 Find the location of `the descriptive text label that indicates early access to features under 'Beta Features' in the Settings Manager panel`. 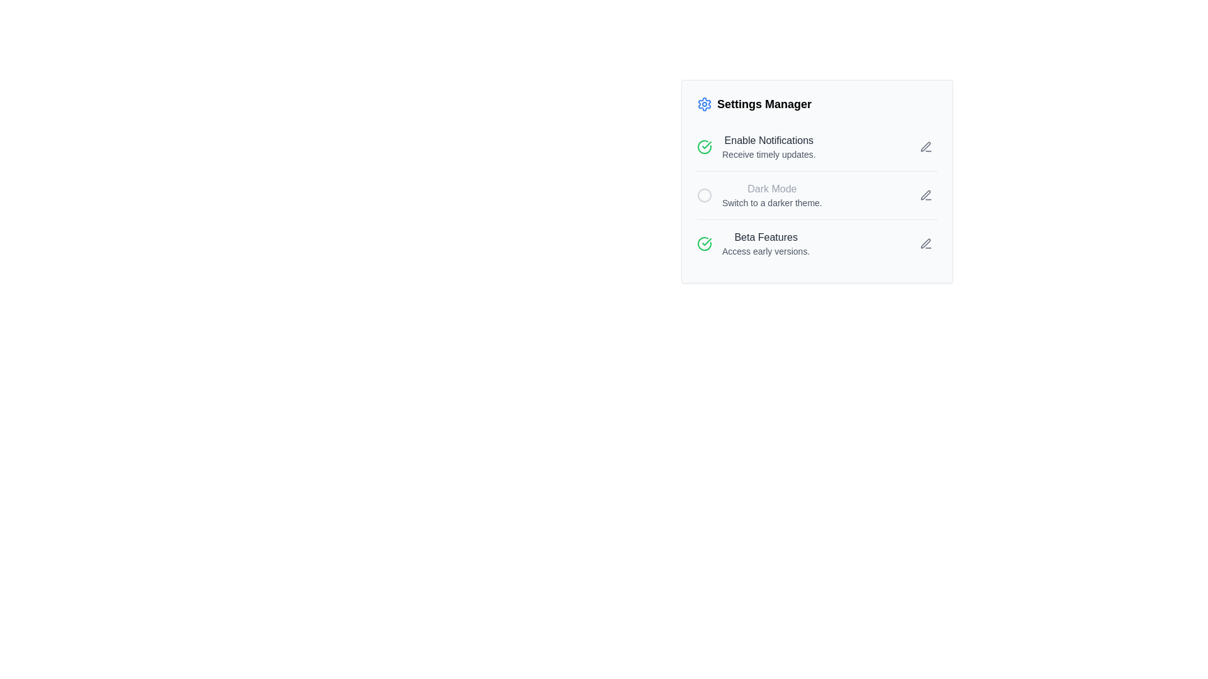

the descriptive text label that indicates early access to features under 'Beta Features' in the Settings Manager panel is located at coordinates (765, 251).